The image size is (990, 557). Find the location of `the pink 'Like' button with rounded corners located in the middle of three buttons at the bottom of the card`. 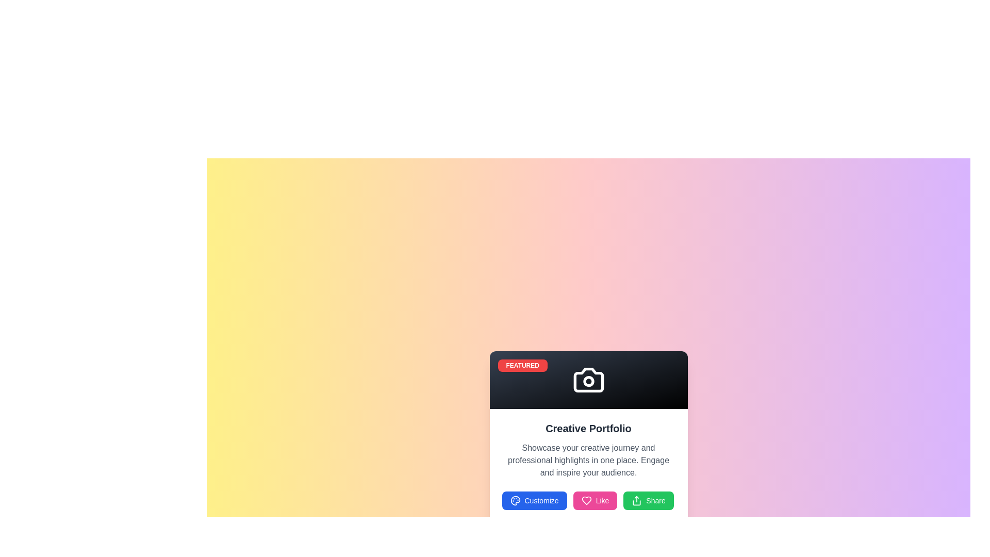

the pink 'Like' button with rounded corners located in the middle of three buttons at the bottom of the card is located at coordinates (595, 500).